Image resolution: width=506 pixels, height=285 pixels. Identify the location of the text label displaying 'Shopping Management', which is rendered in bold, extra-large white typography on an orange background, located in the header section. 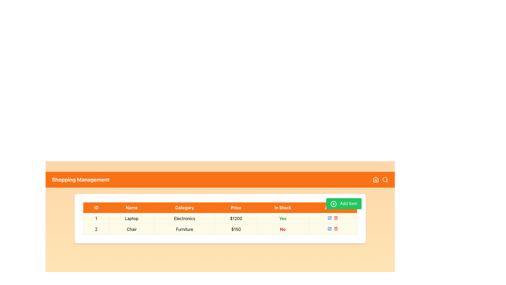
(80, 179).